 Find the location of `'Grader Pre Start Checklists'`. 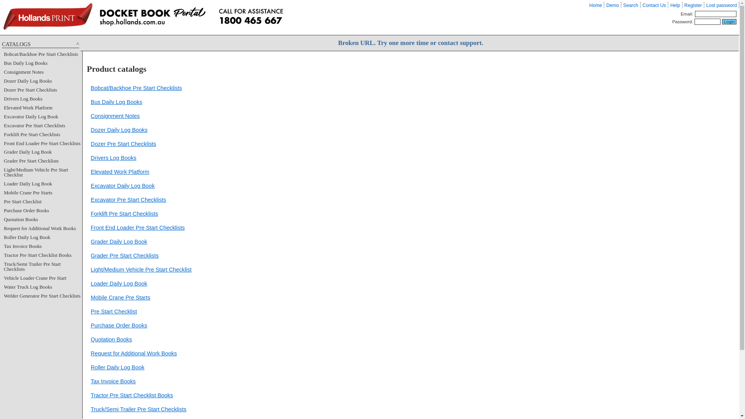

'Grader Pre Start Checklists' is located at coordinates (125, 256).